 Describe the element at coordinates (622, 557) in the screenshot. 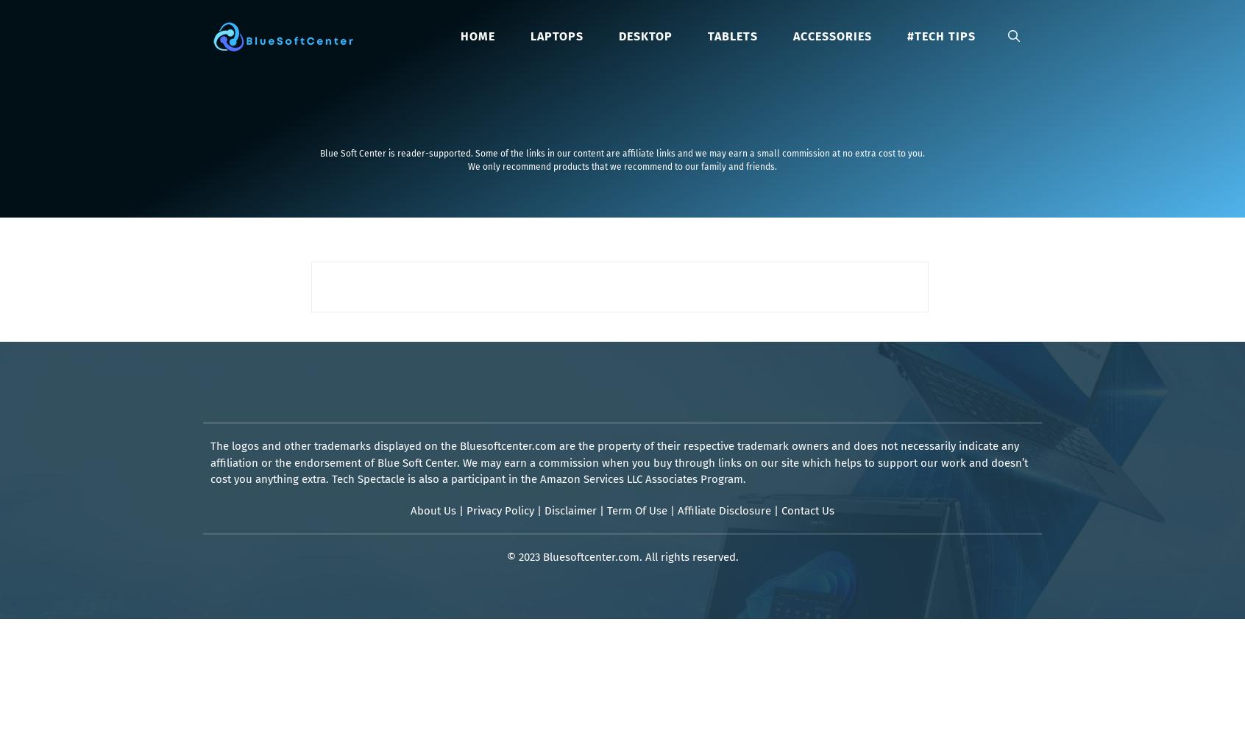

I see `'© 2023 Bluesoftcenter.com. All rights reserved.'` at that location.